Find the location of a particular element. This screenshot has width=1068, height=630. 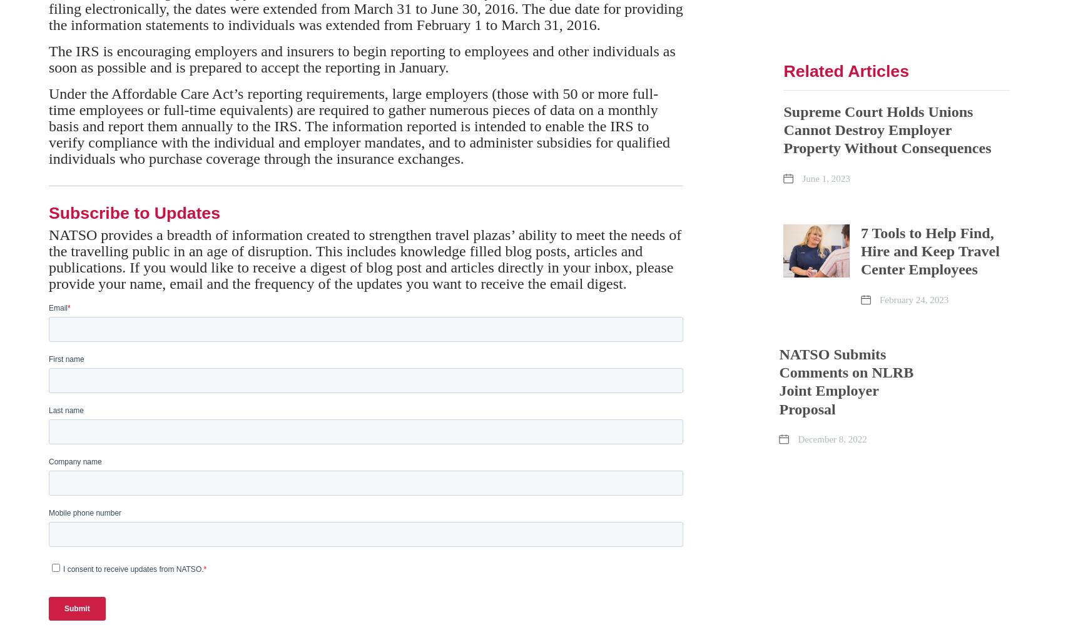

'7 Tools to Help Find, Hire and Keep Travel Center Employees' is located at coordinates (928, 251).